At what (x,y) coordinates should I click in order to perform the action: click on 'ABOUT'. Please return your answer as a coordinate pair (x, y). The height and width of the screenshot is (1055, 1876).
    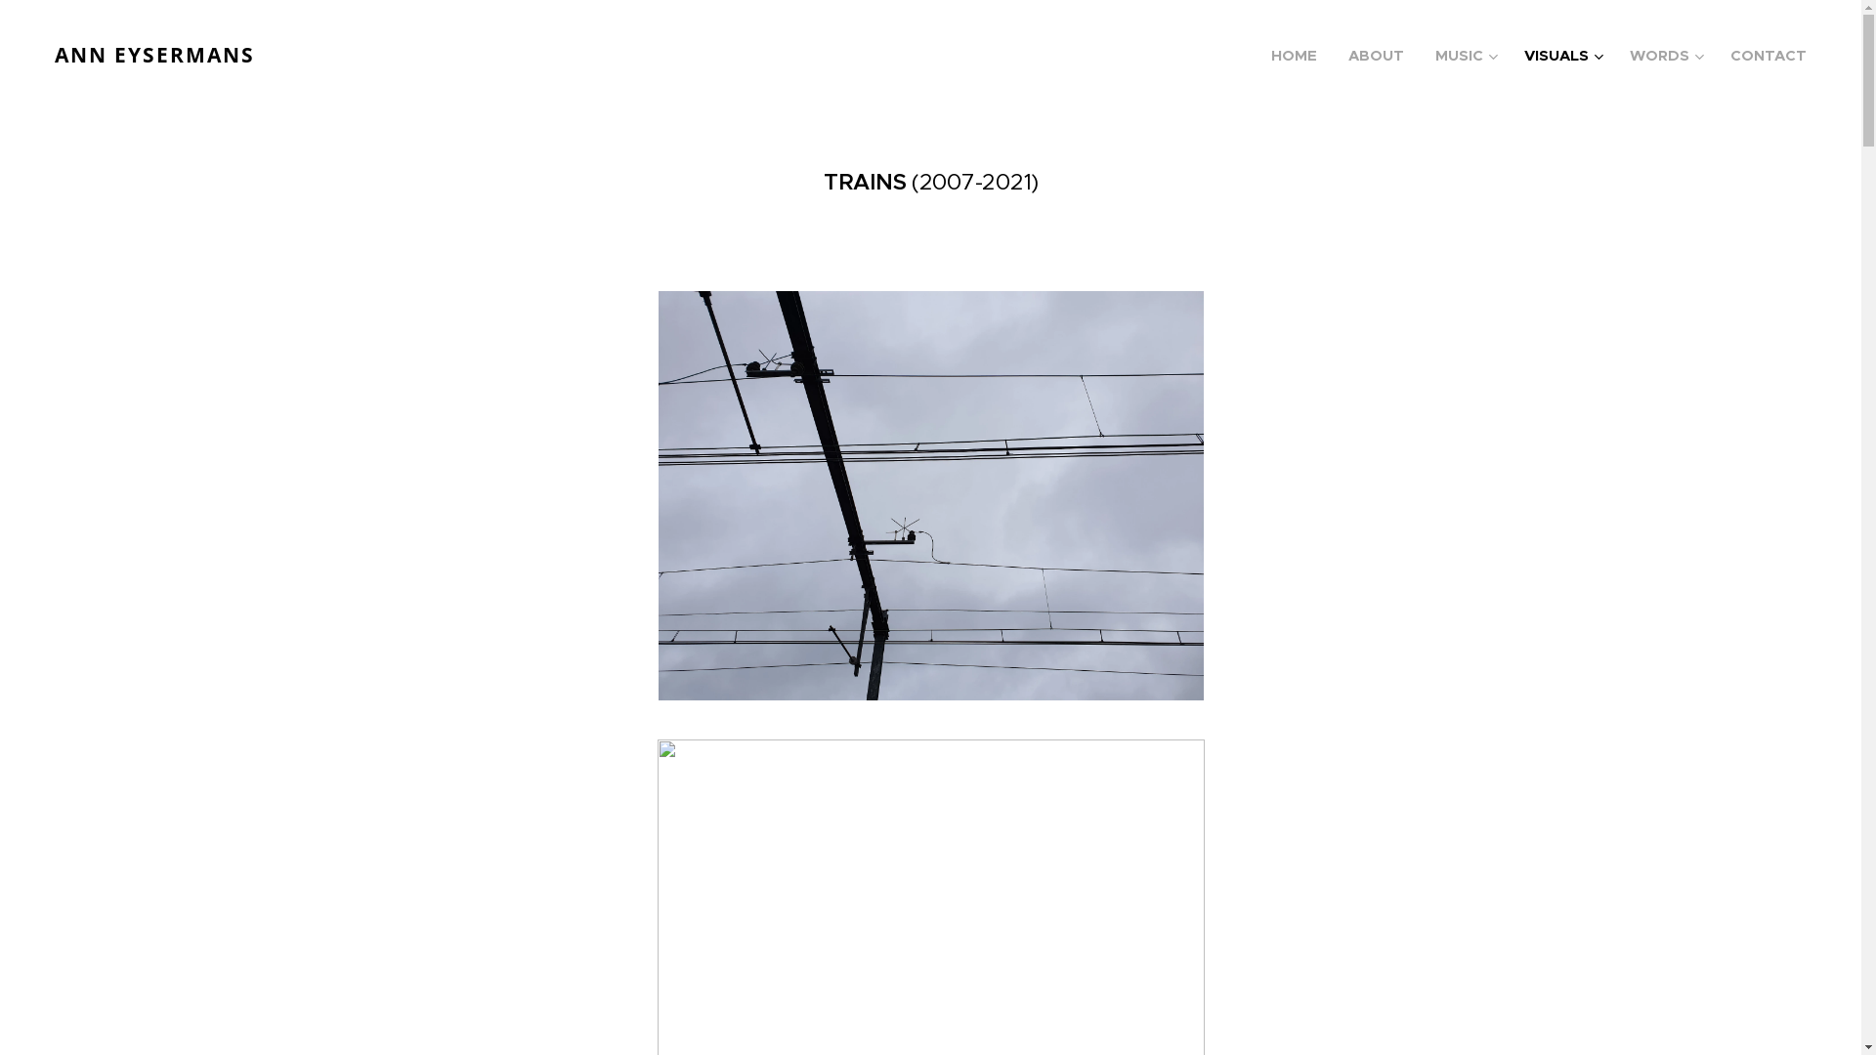
    Looking at the image, I should click on (1375, 55).